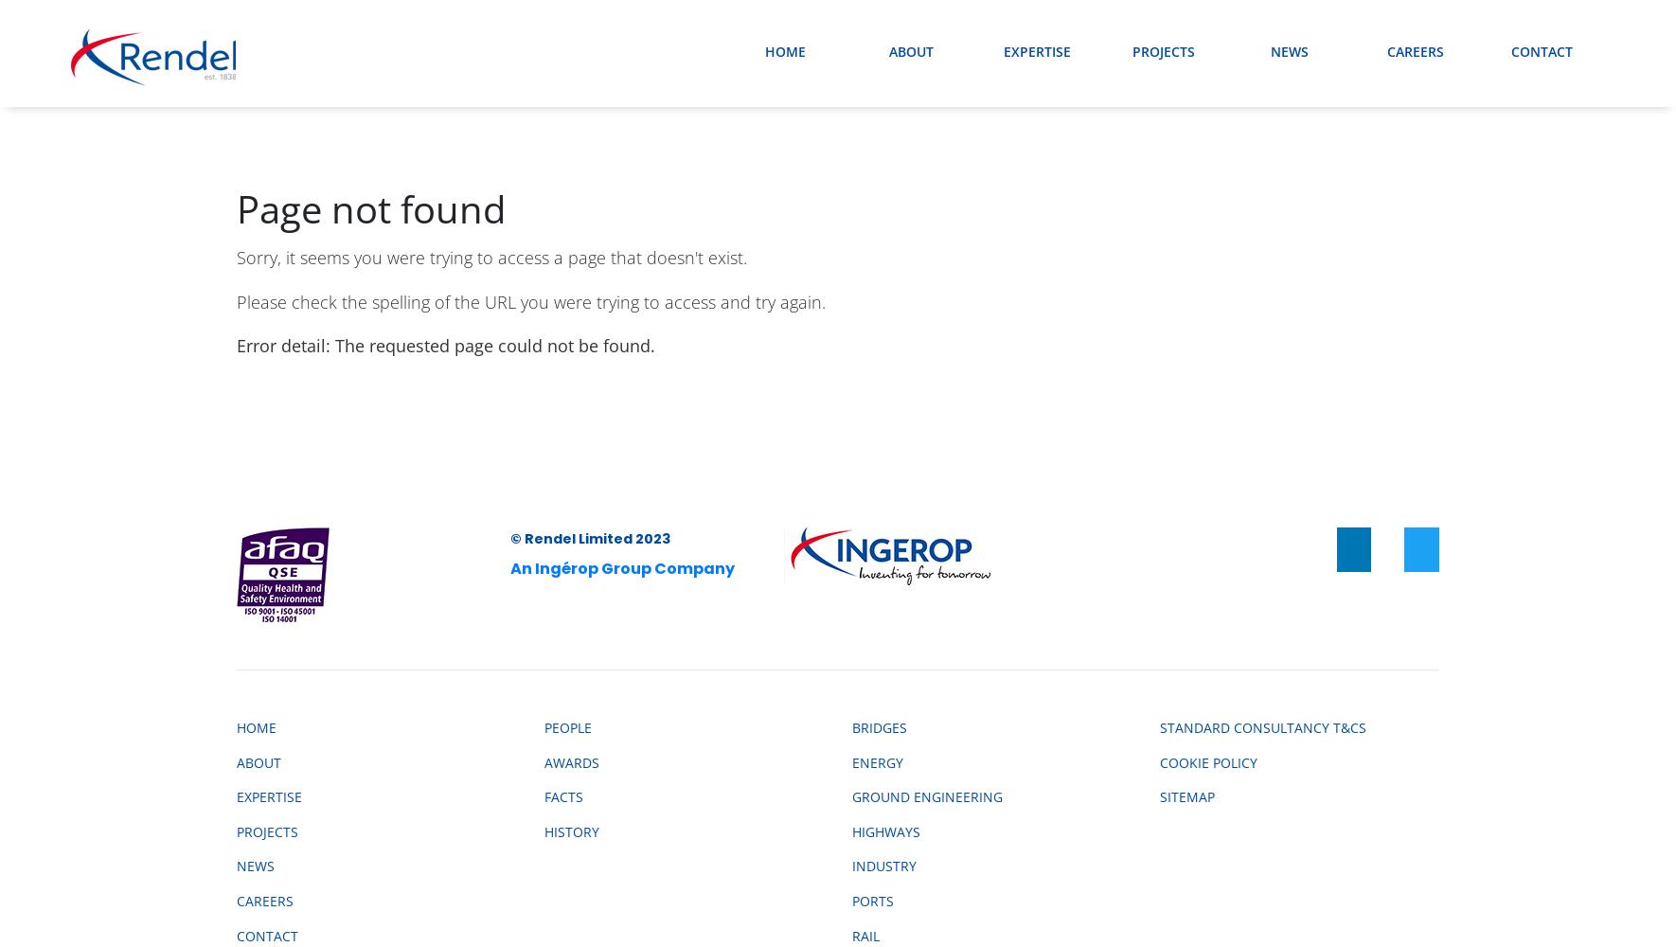  I want to click on 'Page not found', so click(236, 207).